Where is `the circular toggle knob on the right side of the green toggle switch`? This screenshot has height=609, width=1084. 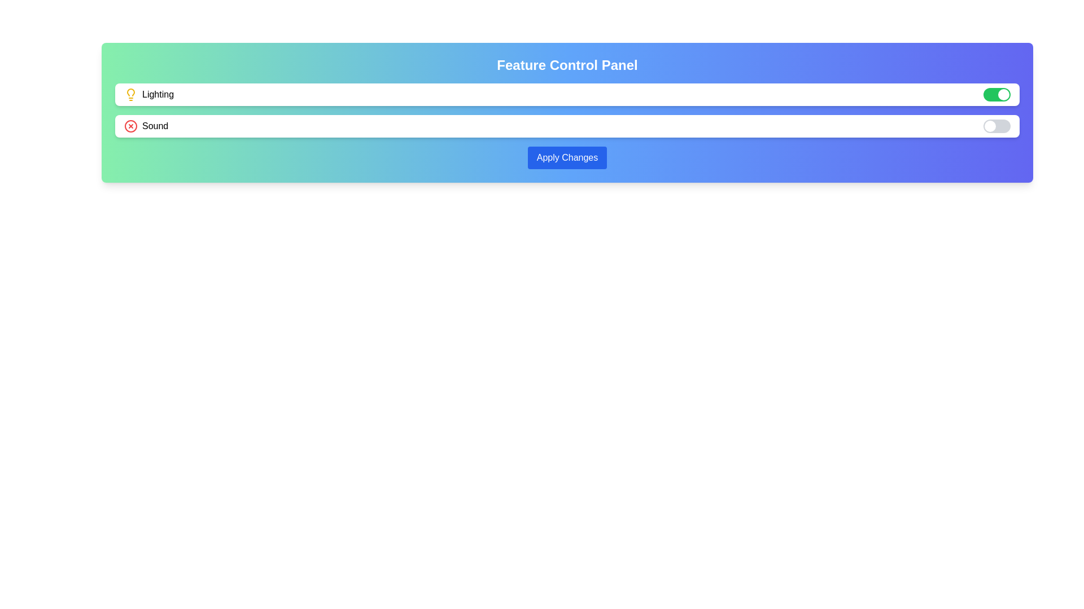 the circular toggle knob on the right side of the green toggle switch is located at coordinates (1003, 94).